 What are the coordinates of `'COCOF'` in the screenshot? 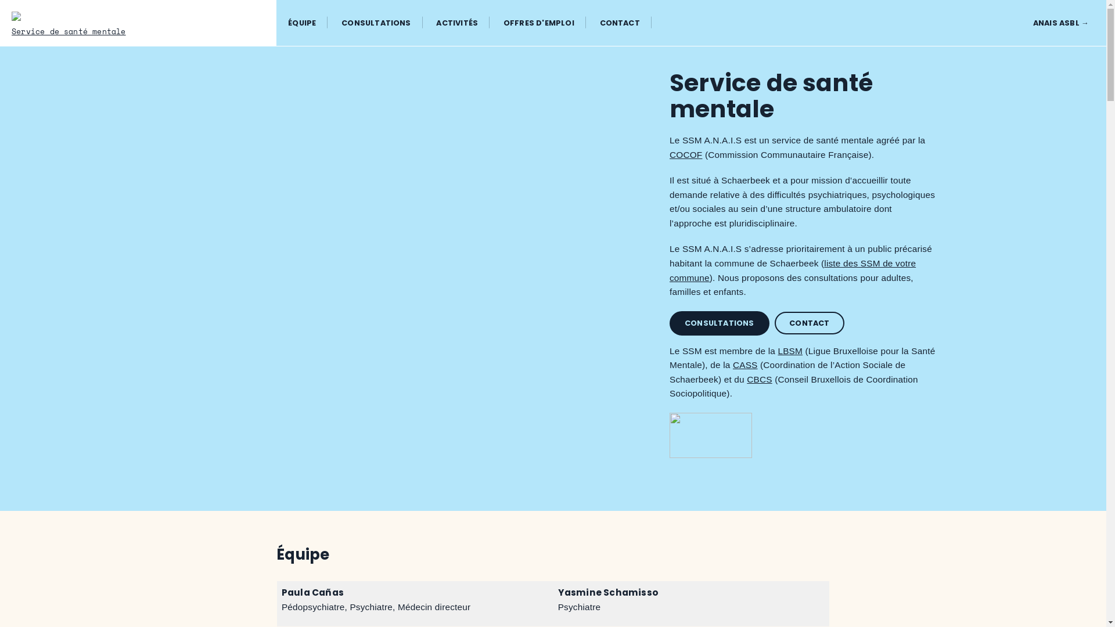 It's located at (685, 154).